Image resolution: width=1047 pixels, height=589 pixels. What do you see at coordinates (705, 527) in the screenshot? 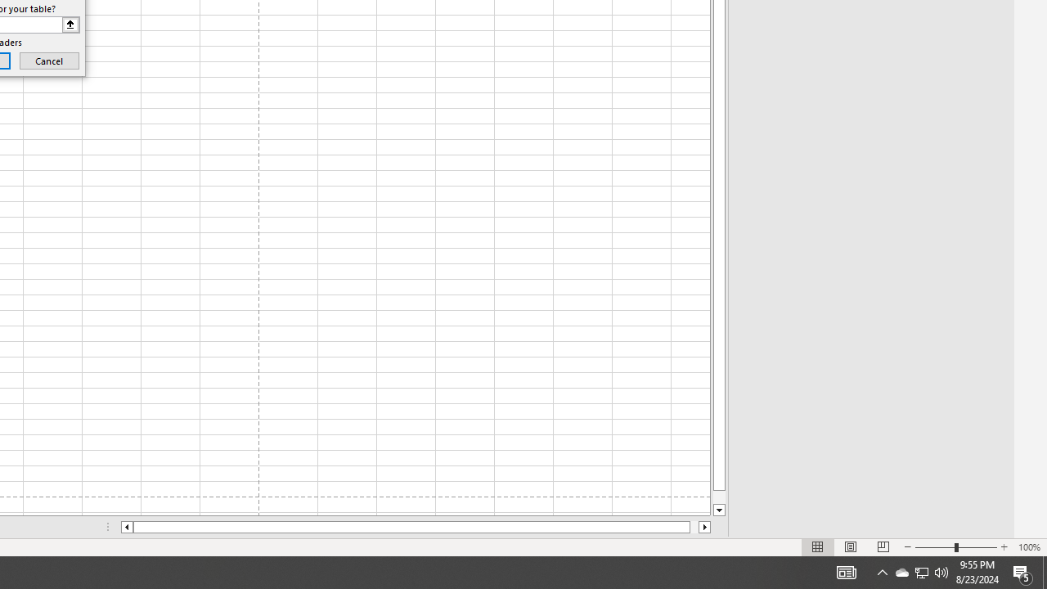
I see `'Column right'` at bounding box center [705, 527].